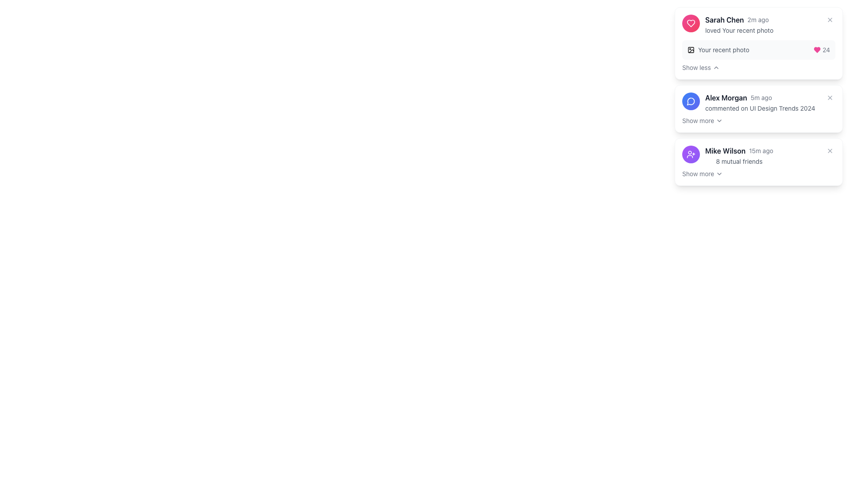 The width and height of the screenshot is (850, 478). I want to click on the circular 'X' icon in the top-right corner of the notification card from 'Sarah Chen', so click(830, 20).